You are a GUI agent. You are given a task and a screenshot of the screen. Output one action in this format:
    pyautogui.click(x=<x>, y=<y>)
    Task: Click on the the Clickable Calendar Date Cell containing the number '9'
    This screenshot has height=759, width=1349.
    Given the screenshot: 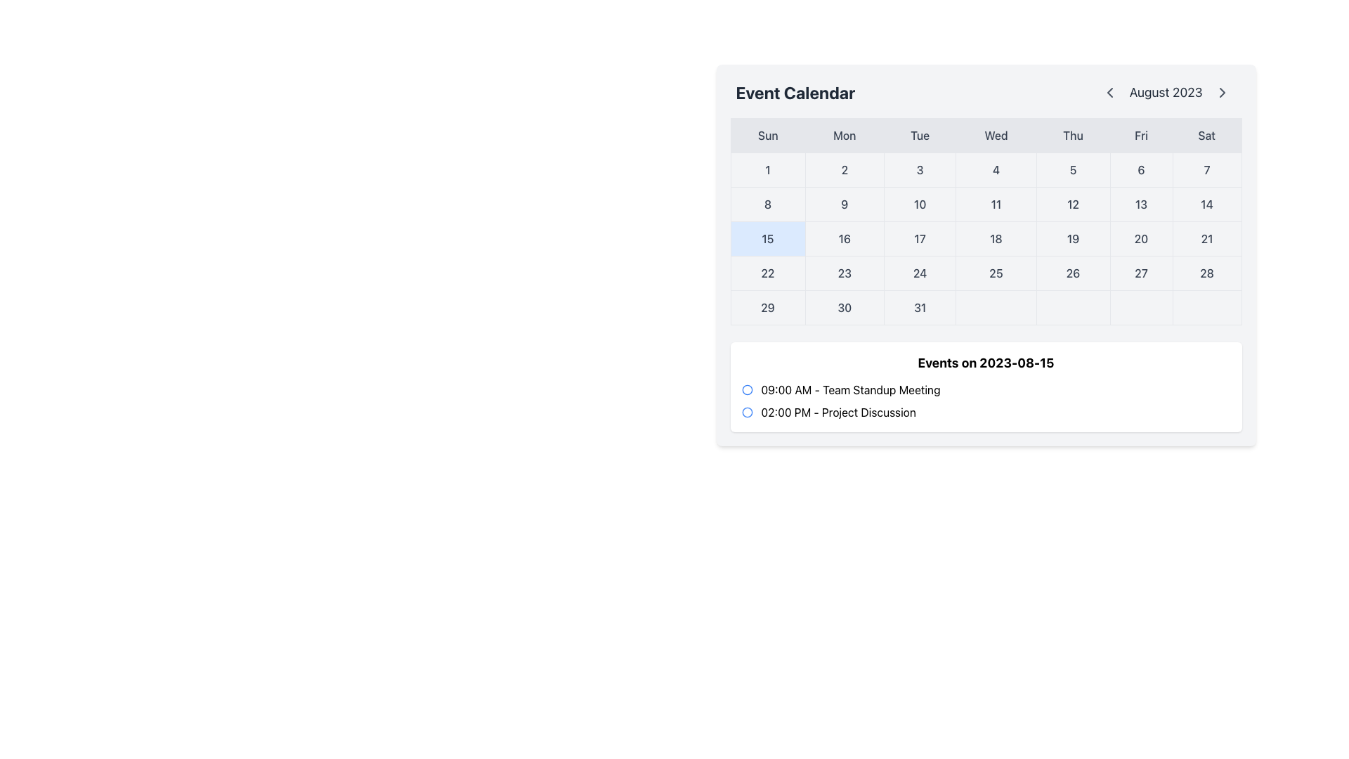 What is the action you would take?
    pyautogui.click(x=844, y=204)
    